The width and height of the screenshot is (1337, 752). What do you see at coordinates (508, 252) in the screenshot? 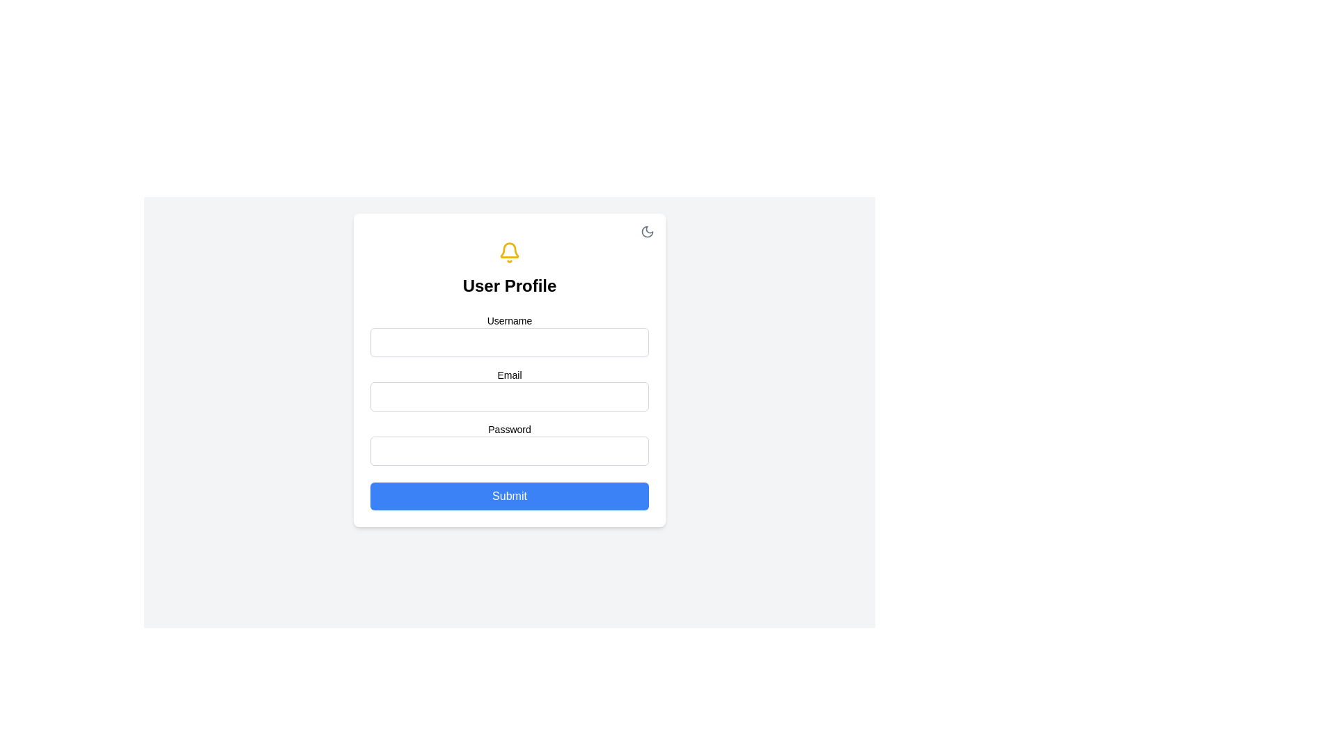
I see `yellow bell icon visually located in the horizontal rectangular section above the 'User Profile' heading` at bounding box center [508, 252].